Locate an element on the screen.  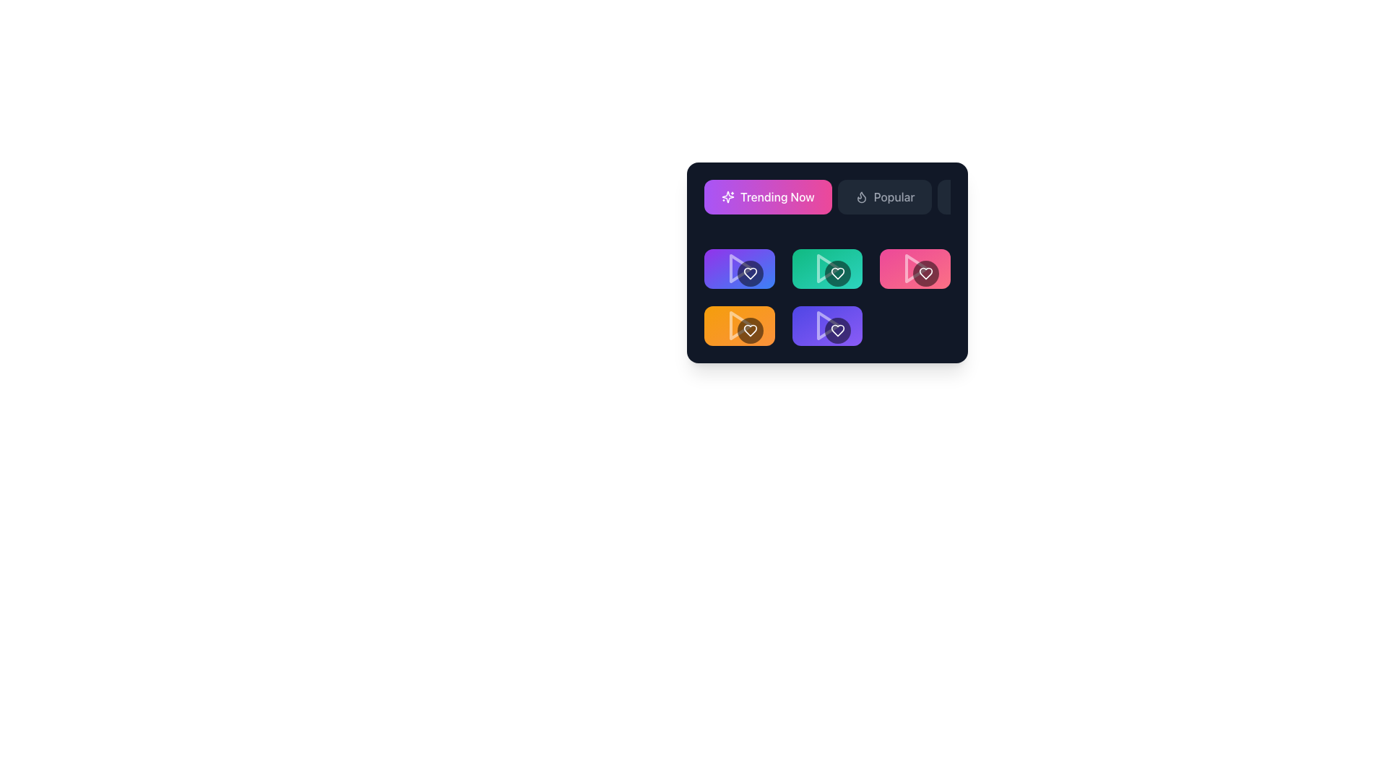
the interactive button indicating a count or statistic related to an action, such as likes or approvals, for accessibility navigation is located at coordinates (837, 262).